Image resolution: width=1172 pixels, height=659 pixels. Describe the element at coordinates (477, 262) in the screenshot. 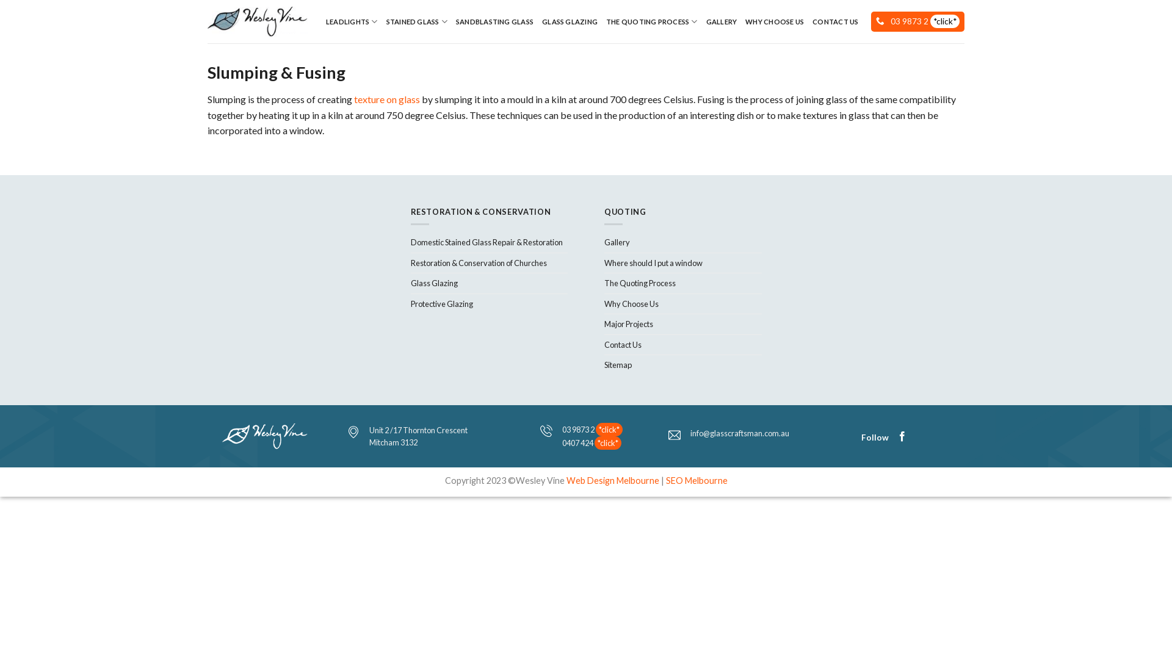

I see `'Restoration & Conservation of Churches'` at that location.